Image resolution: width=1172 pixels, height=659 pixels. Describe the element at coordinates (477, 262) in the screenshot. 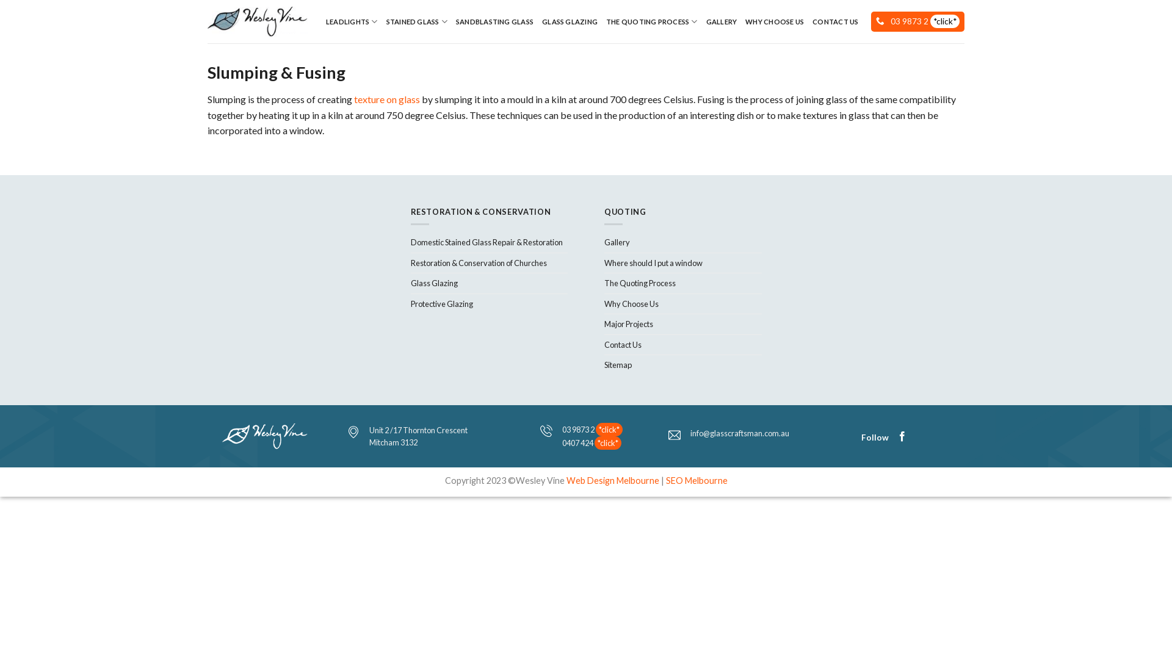

I see `'Restoration & Conservation of Churches'` at that location.